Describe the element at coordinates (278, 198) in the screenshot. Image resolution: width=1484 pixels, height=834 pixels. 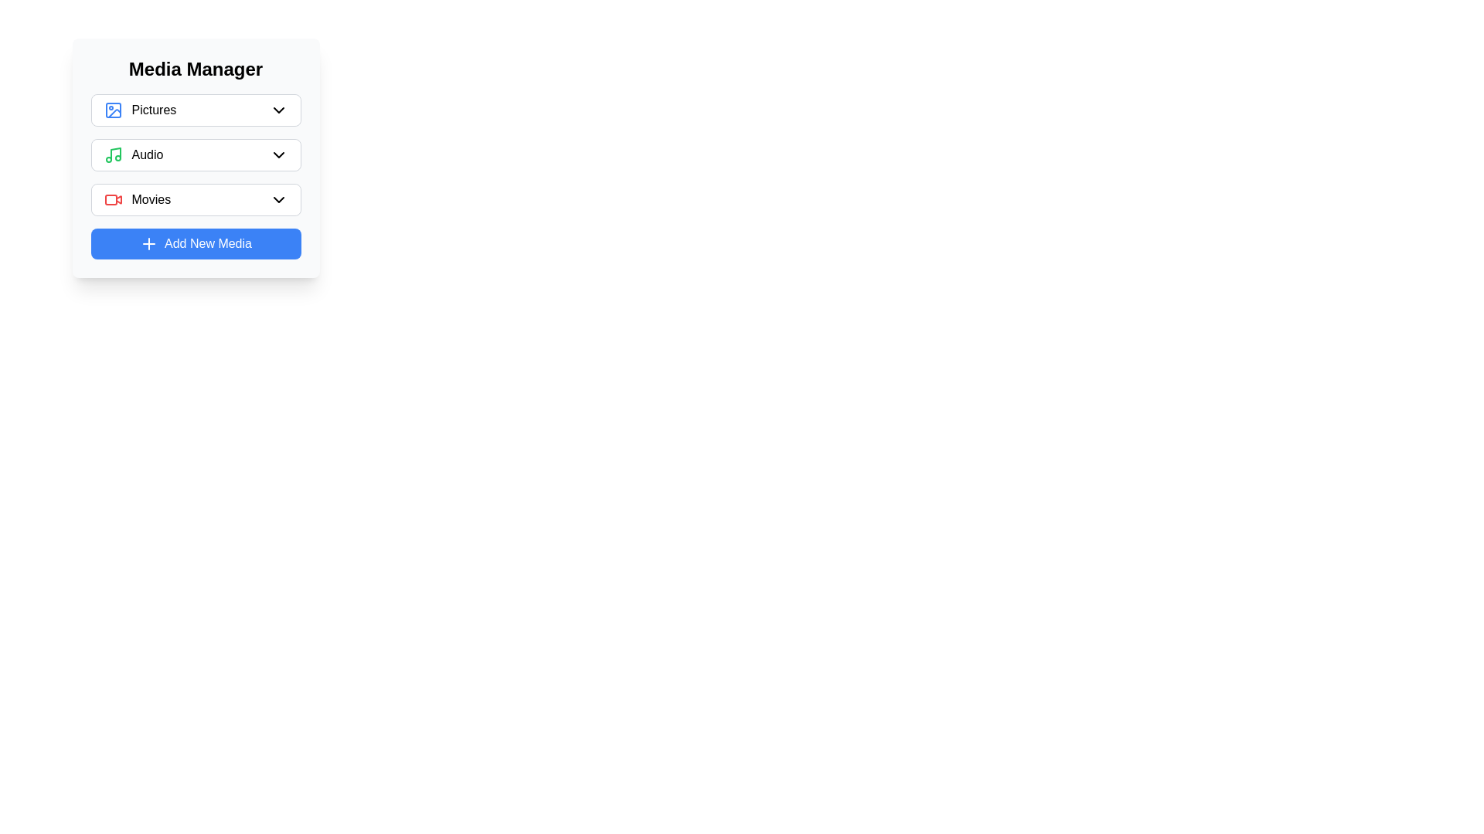
I see `the chevron dropdown toggle icon located to the right of the 'Movies' text label` at that location.